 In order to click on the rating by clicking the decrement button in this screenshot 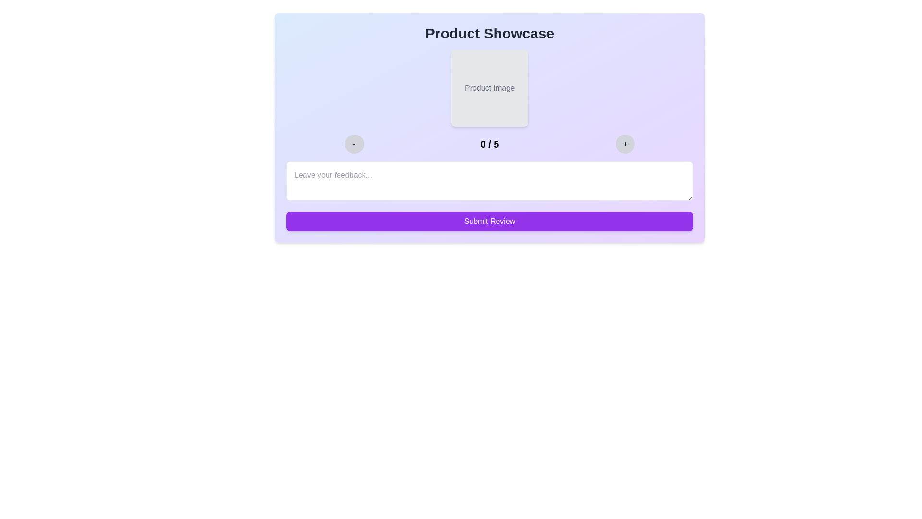, I will do `click(353, 144)`.